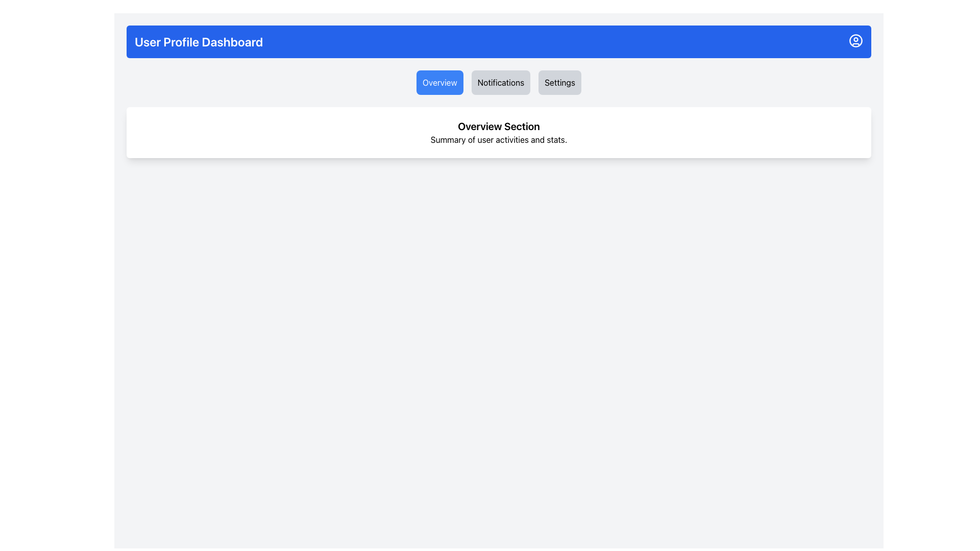 Image resolution: width=980 pixels, height=551 pixels. I want to click on the Text Label displaying 'Overview Section', which is prominently located above the 'Summary of user activities and stats.', so click(499, 126).